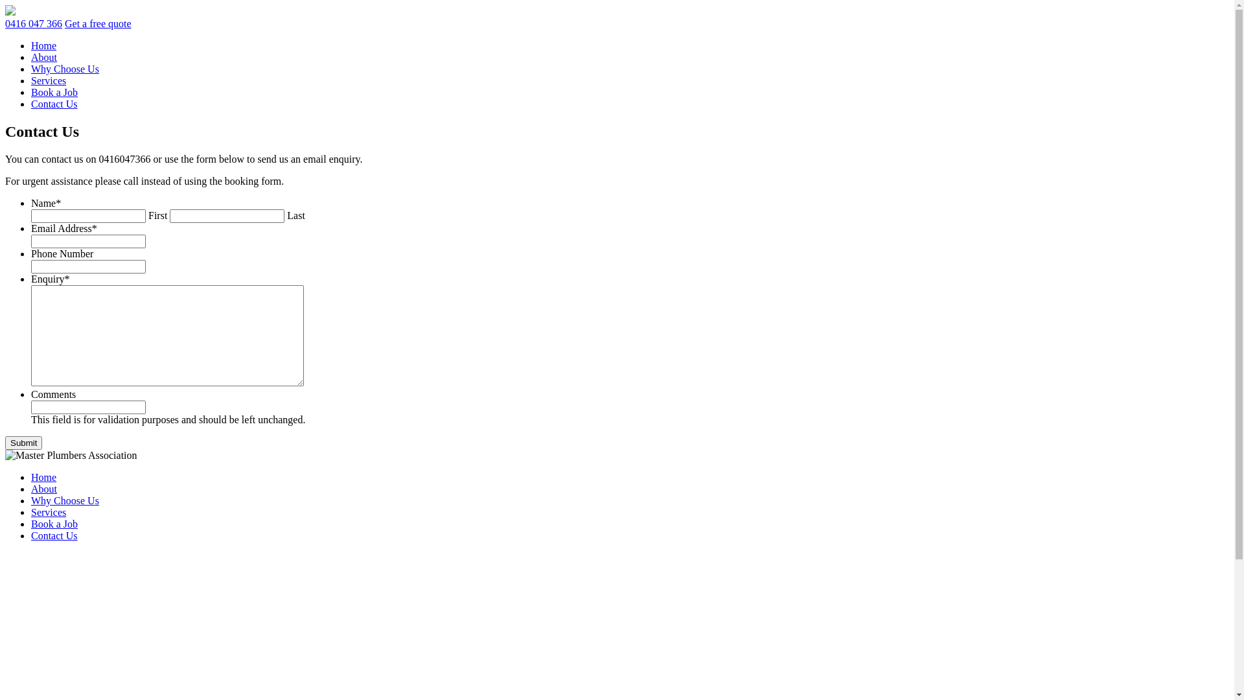 This screenshot has height=700, width=1244. Describe the element at coordinates (64, 69) in the screenshot. I see `'Why Choose Us'` at that location.